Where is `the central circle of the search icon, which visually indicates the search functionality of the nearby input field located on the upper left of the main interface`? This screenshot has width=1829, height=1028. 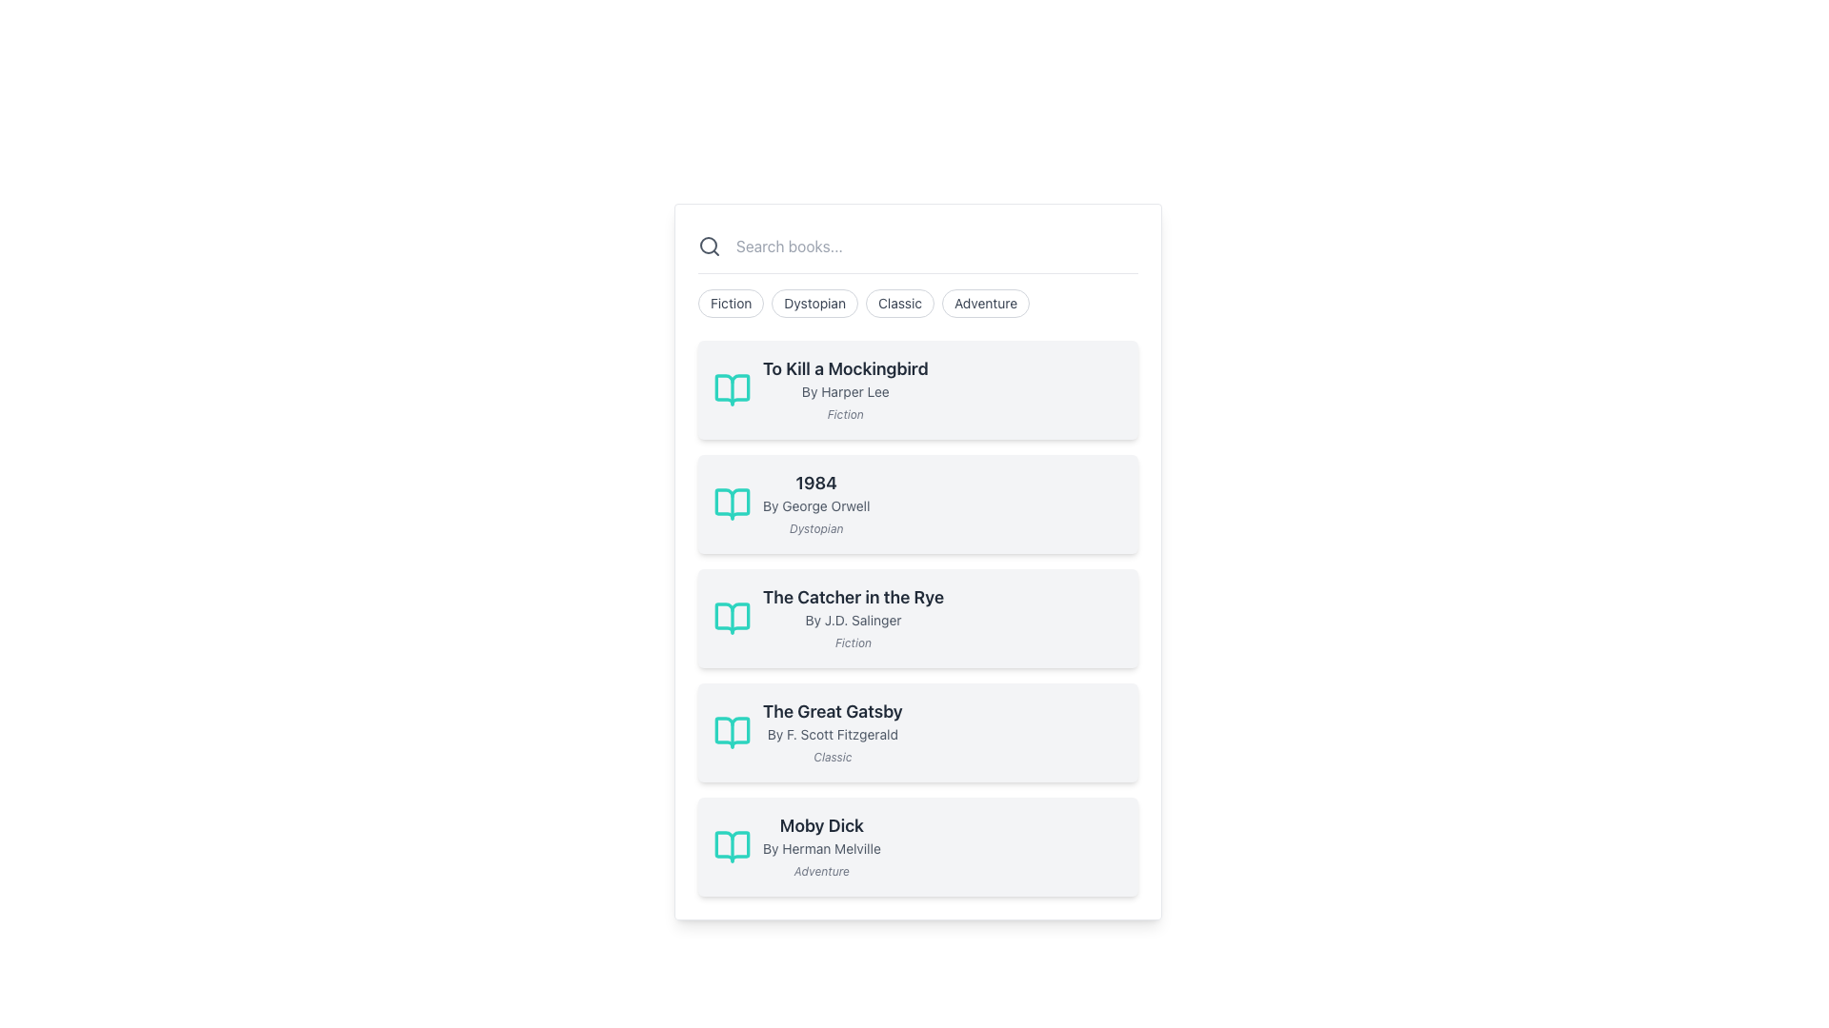 the central circle of the search icon, which visually indicates the search functionality of the nearby input field located on the upper left of the main interface is located at coordinates (708, 245).